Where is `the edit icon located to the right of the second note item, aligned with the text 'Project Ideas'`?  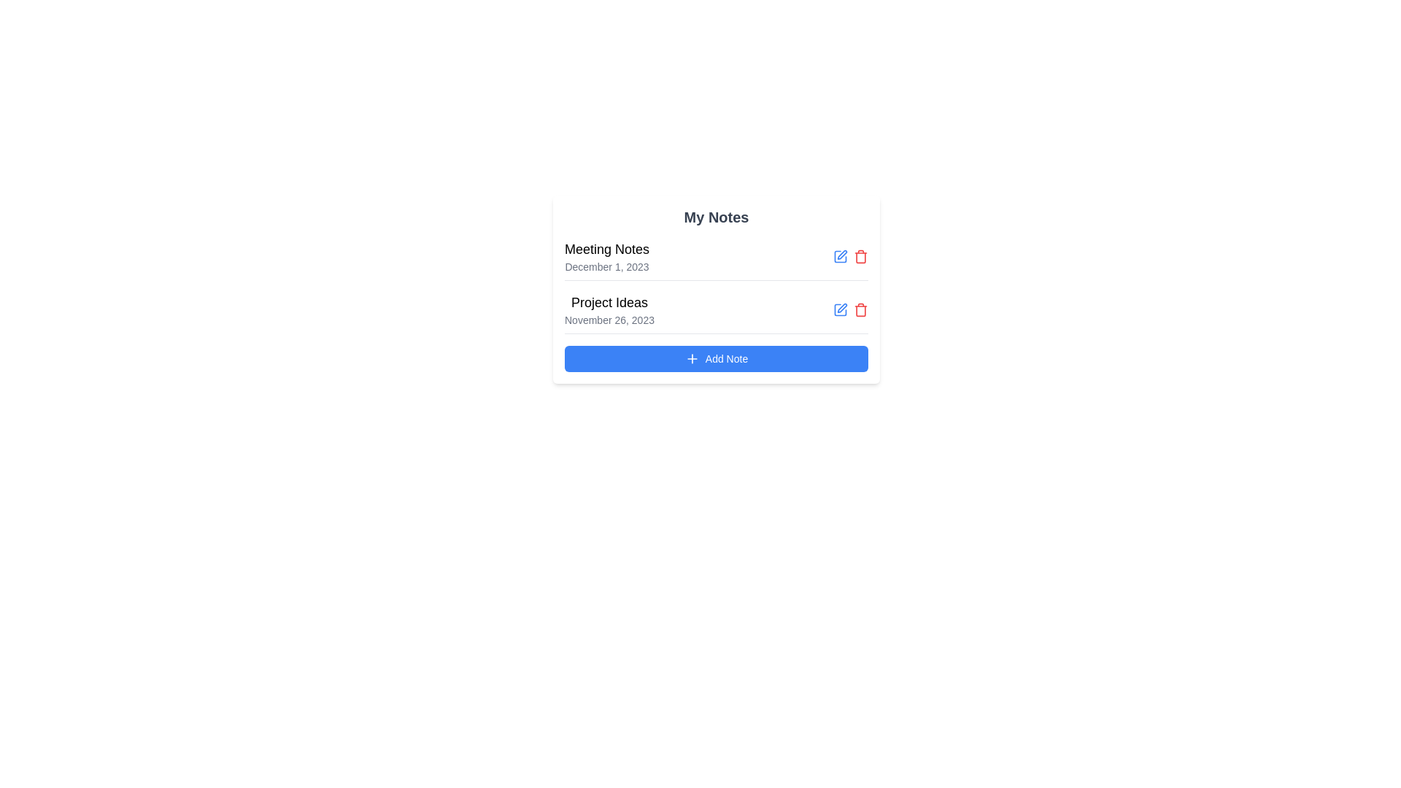 the edit icon located to the right of the second note item, aligned with the text 'Project Ideas' is located at coordinates (842, 307).